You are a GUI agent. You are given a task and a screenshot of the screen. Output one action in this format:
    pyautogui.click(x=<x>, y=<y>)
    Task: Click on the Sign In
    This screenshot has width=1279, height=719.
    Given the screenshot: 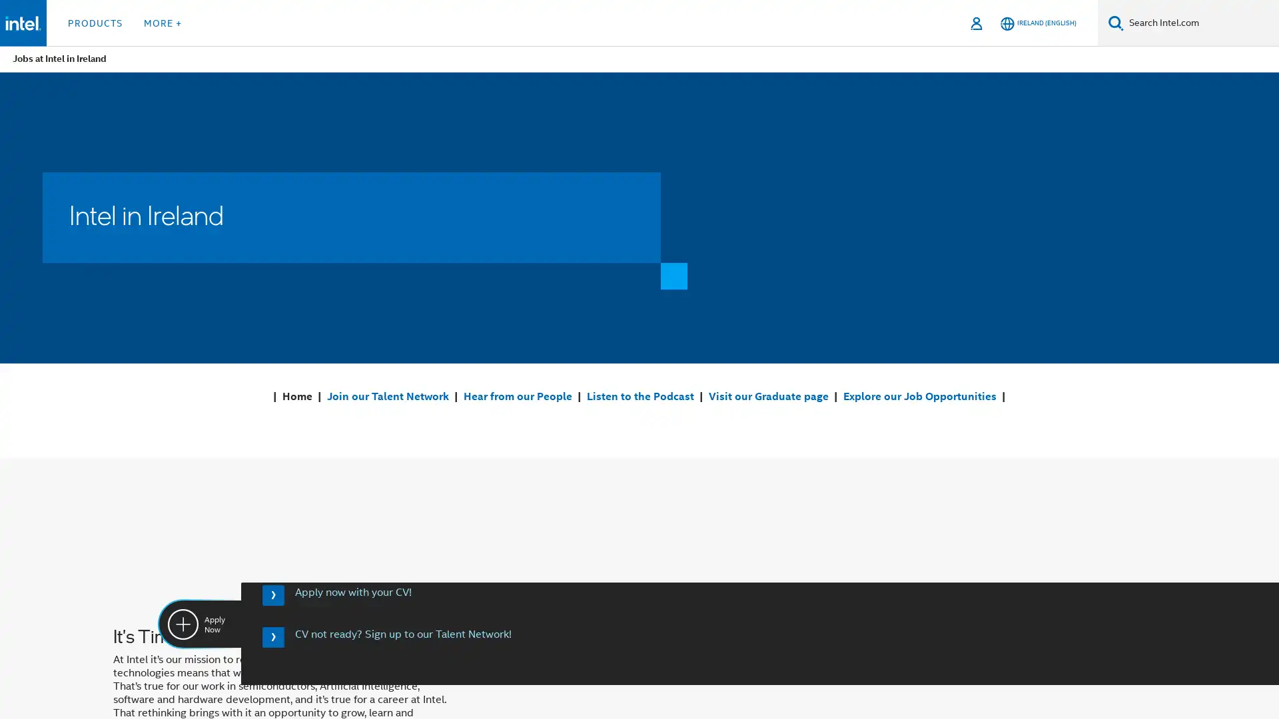 What is the action you would take?
    pyautogui.click(x=977, y=23)
    